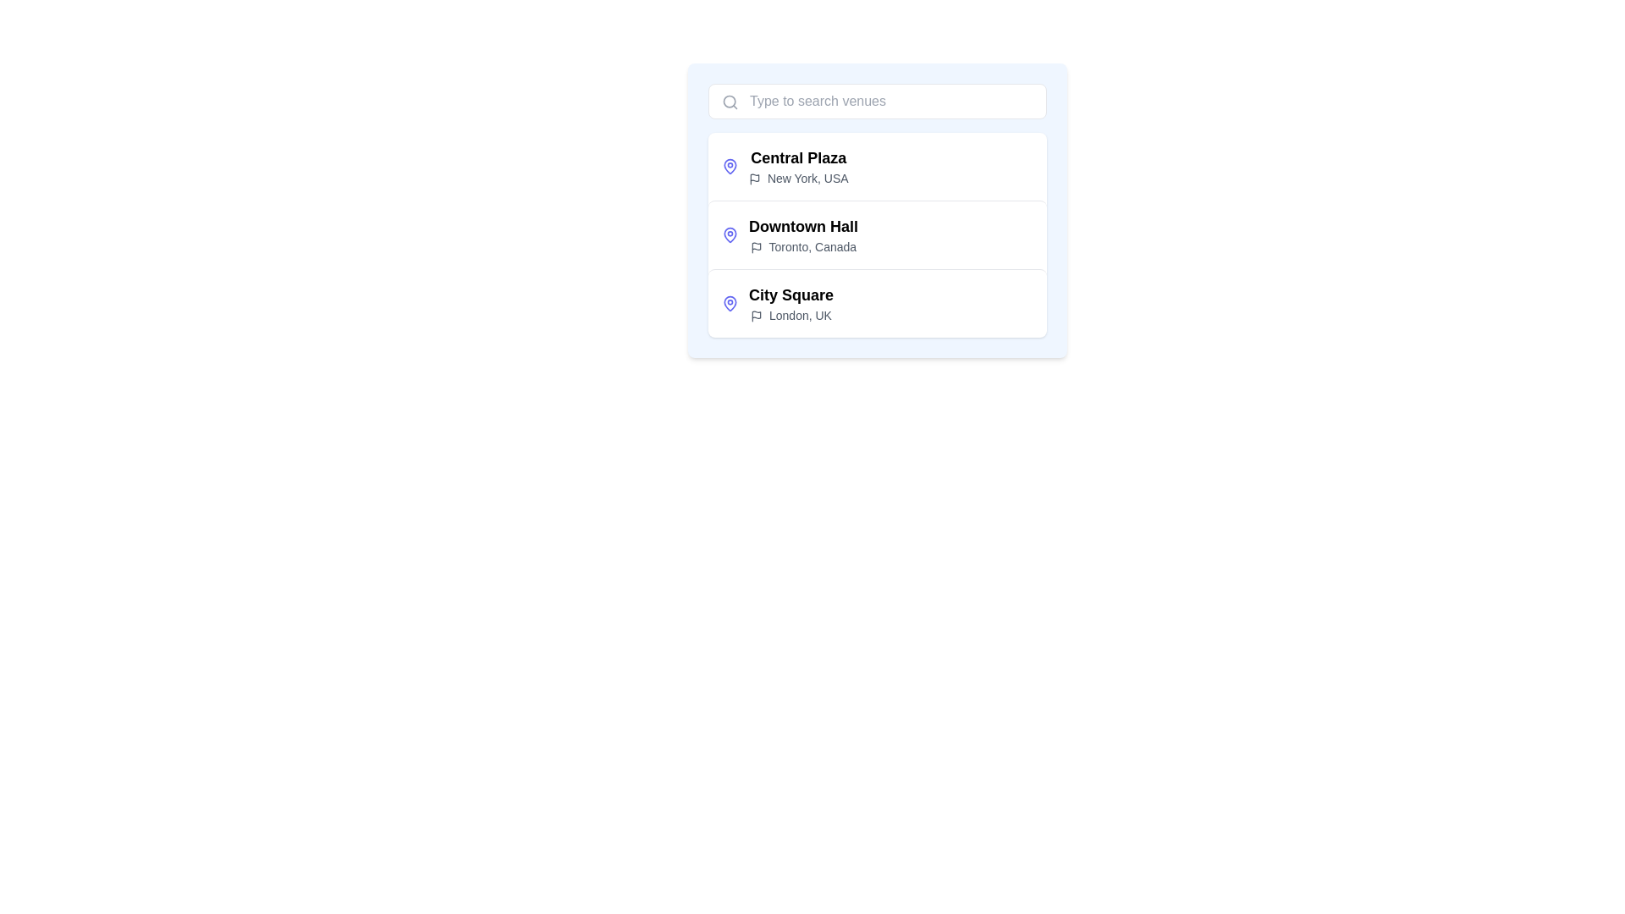  Describe the element at coordinates (797, 179) in the screenshot. I see `the subinformation label providing location details, 'New York, USA', which is aligned under the header text 'Central Plaza' in the list item` at that location.